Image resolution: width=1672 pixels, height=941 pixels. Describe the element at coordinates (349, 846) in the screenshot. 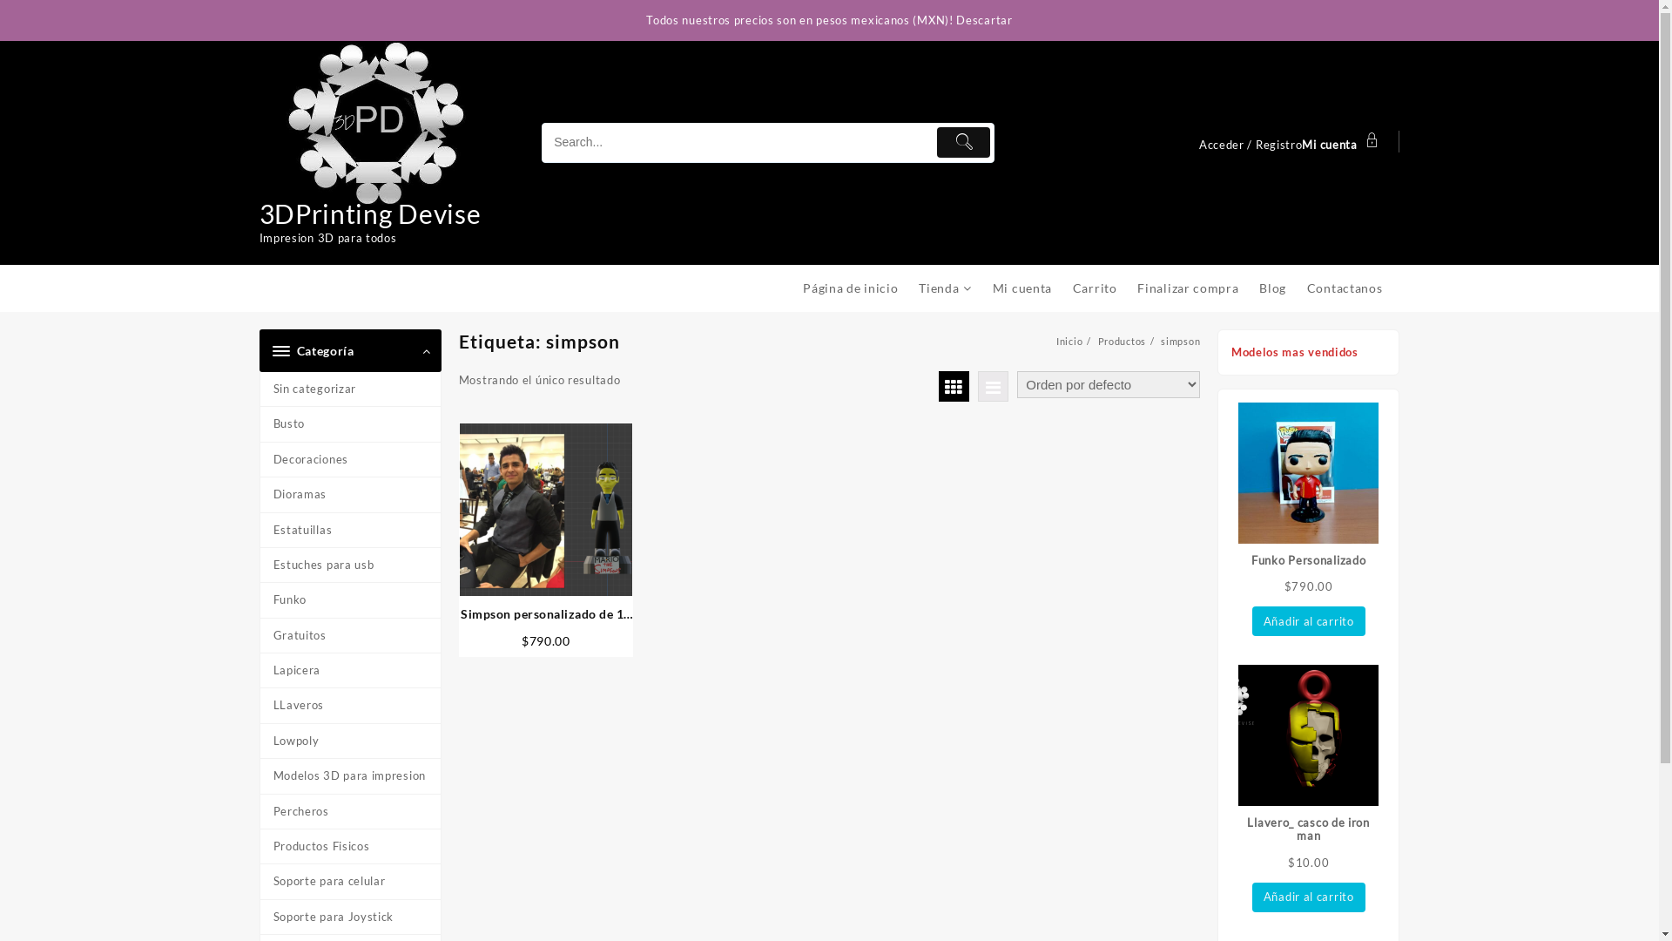

I see `'Productos Fisicos'` at that location.